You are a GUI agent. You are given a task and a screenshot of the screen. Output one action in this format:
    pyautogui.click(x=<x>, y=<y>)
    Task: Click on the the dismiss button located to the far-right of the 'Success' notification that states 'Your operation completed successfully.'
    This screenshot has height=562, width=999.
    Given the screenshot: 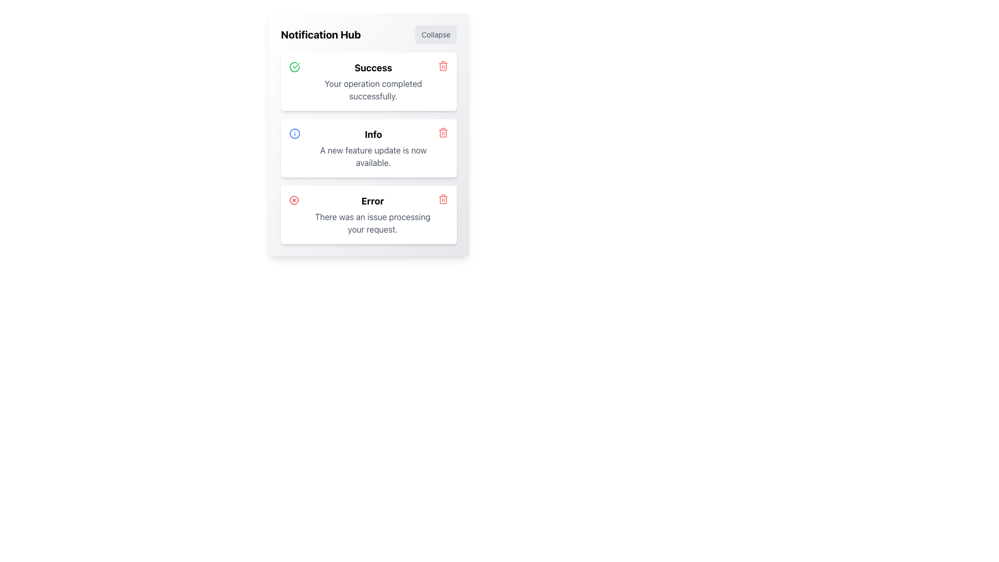 What is the action you would take?
    pyautogui.click(x=443, y=66)
    